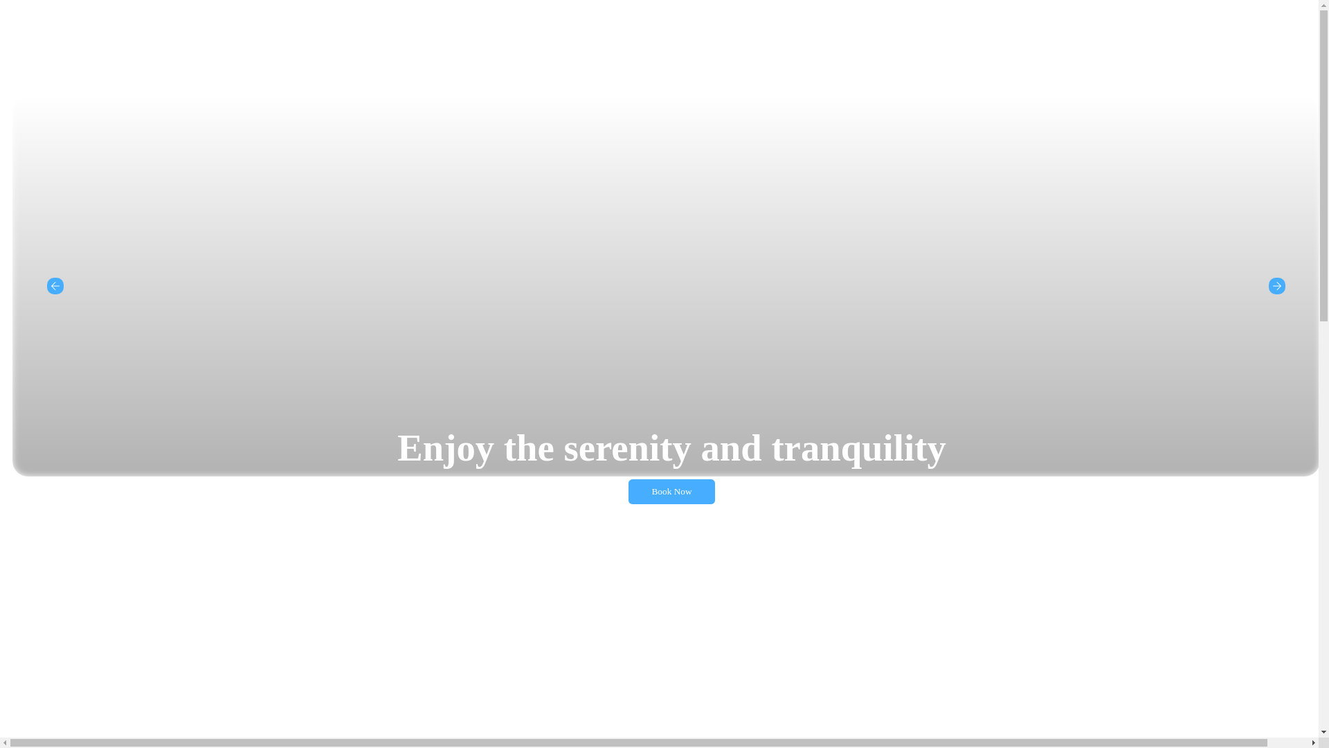 The width and height of the screenshot is (1329, 748). I want to click on 'Book Now', so click(671, 490).